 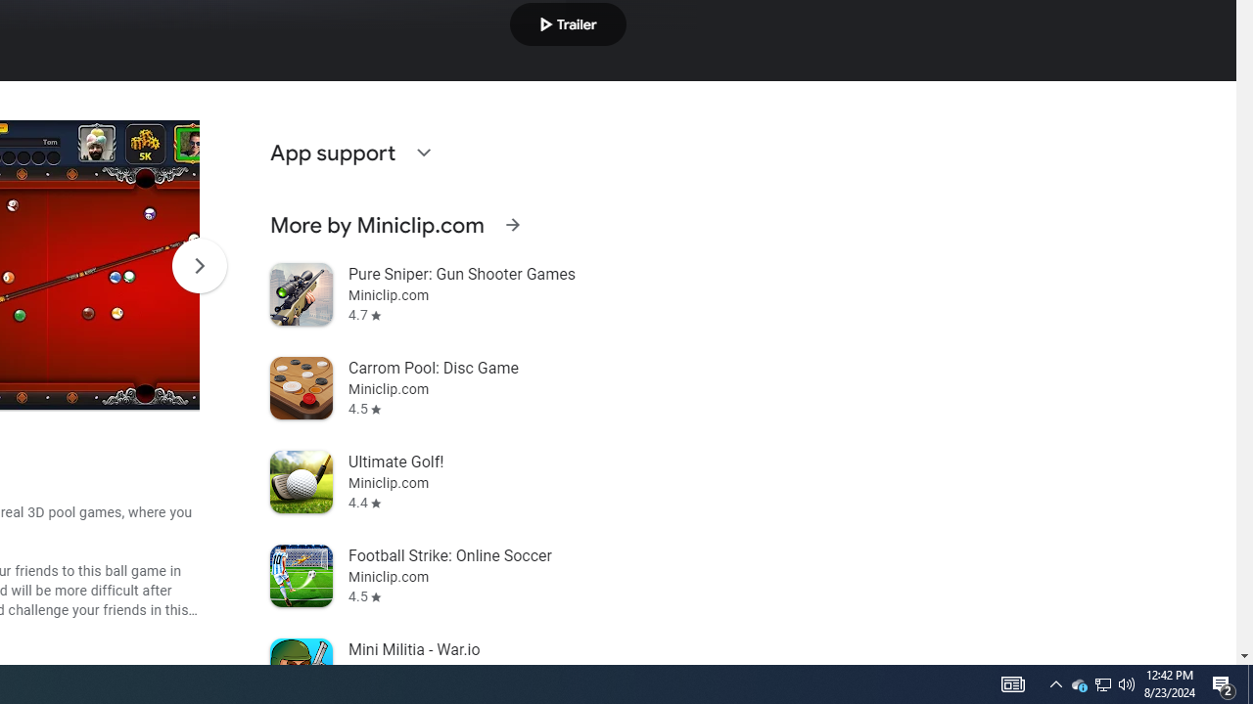 What do you see at coordinates (567, 23) in the screenshot?
I see `'Play trailer'` at bounding box center [567, 23].